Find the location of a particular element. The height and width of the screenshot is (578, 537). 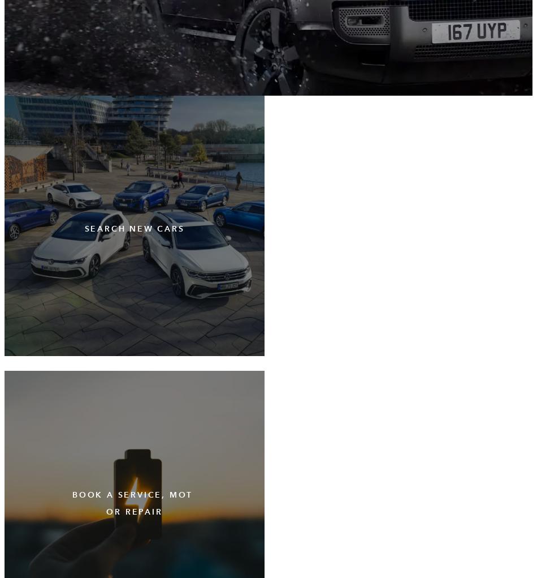

'Modern Slavery Policy' is located at coordinates (8, 41).